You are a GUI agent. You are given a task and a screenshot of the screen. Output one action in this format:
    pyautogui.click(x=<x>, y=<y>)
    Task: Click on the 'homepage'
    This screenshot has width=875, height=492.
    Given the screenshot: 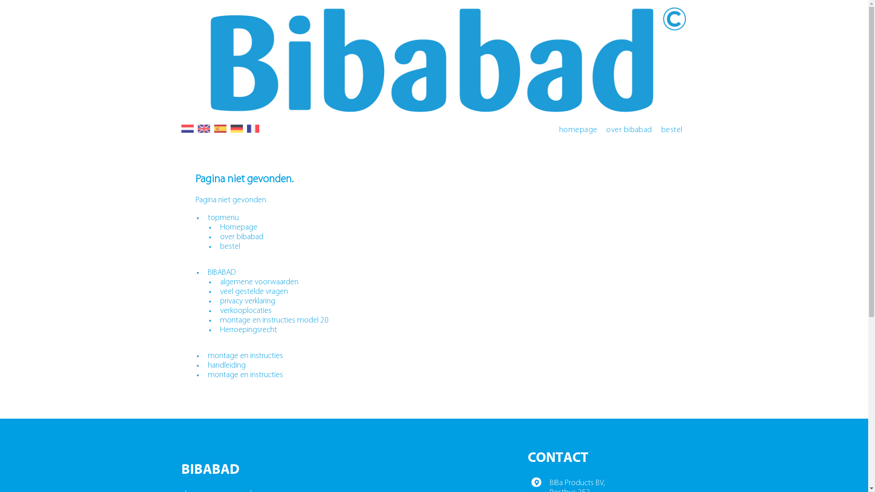 What is the action you would take?
    pyautogui.click(x=577, y=130)
    